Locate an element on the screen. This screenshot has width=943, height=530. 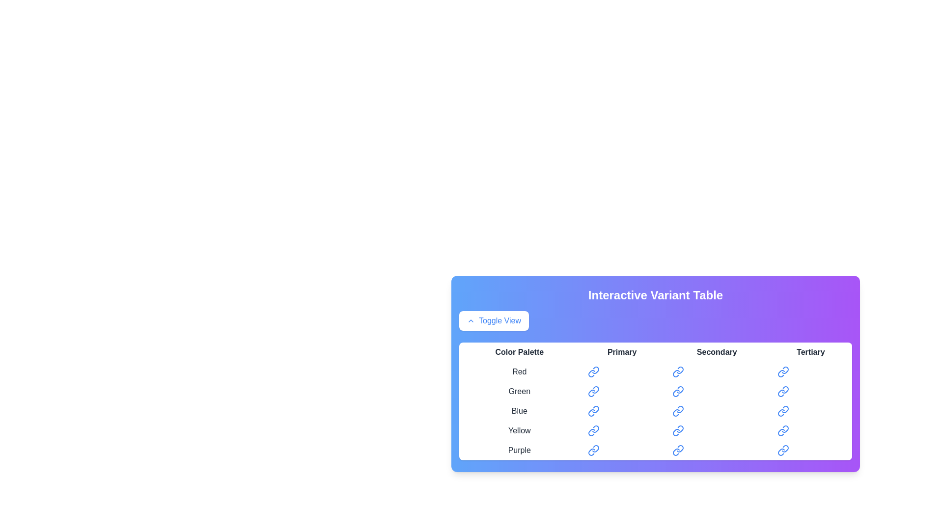
the 'Primary' label, which is the second label in a horizontal list of four labels in the 'Interactive Variant Table' is located at coordinates (621, 351).